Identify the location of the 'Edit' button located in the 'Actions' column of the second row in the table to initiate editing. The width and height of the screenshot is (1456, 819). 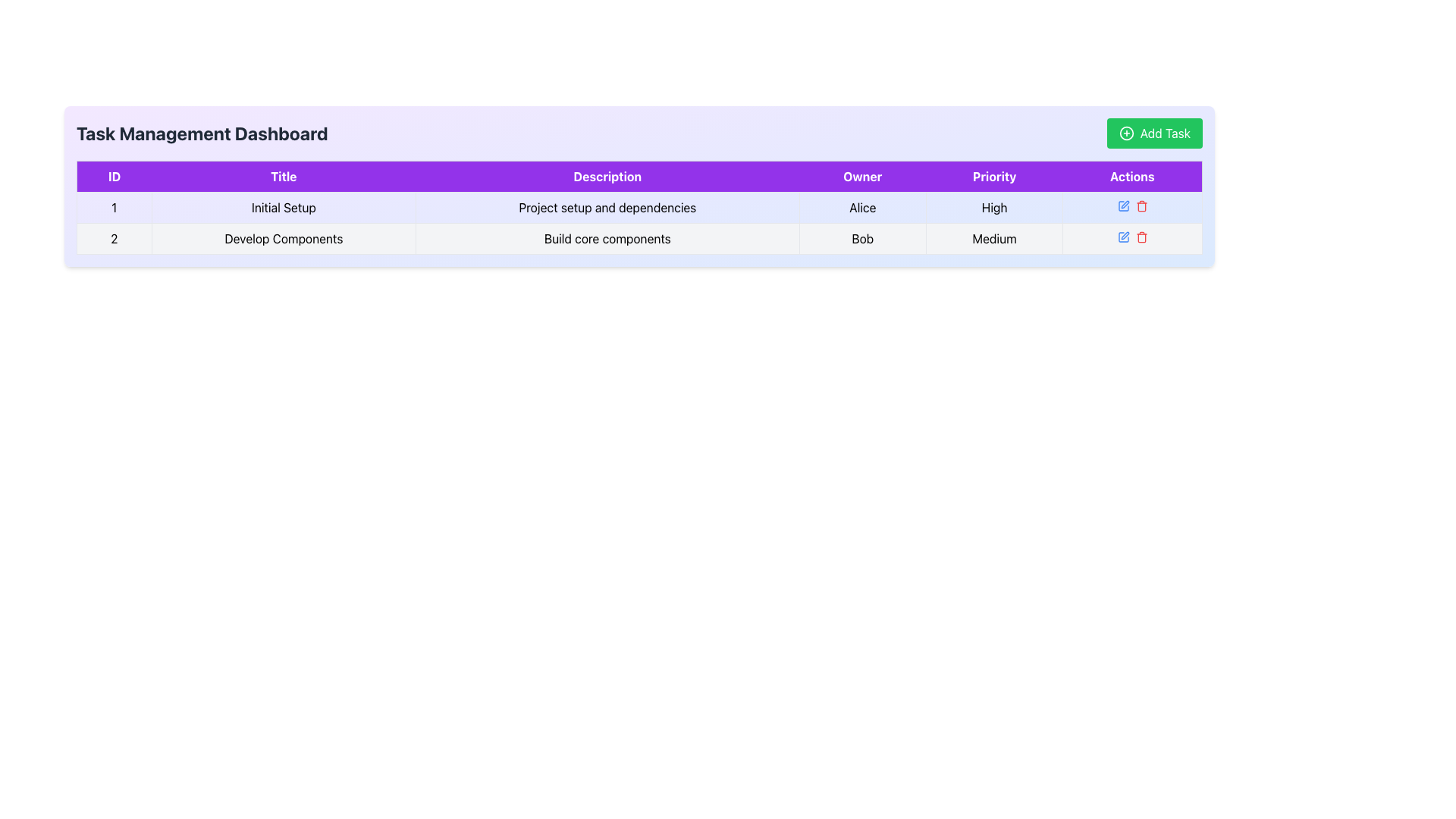
(1123, 237).